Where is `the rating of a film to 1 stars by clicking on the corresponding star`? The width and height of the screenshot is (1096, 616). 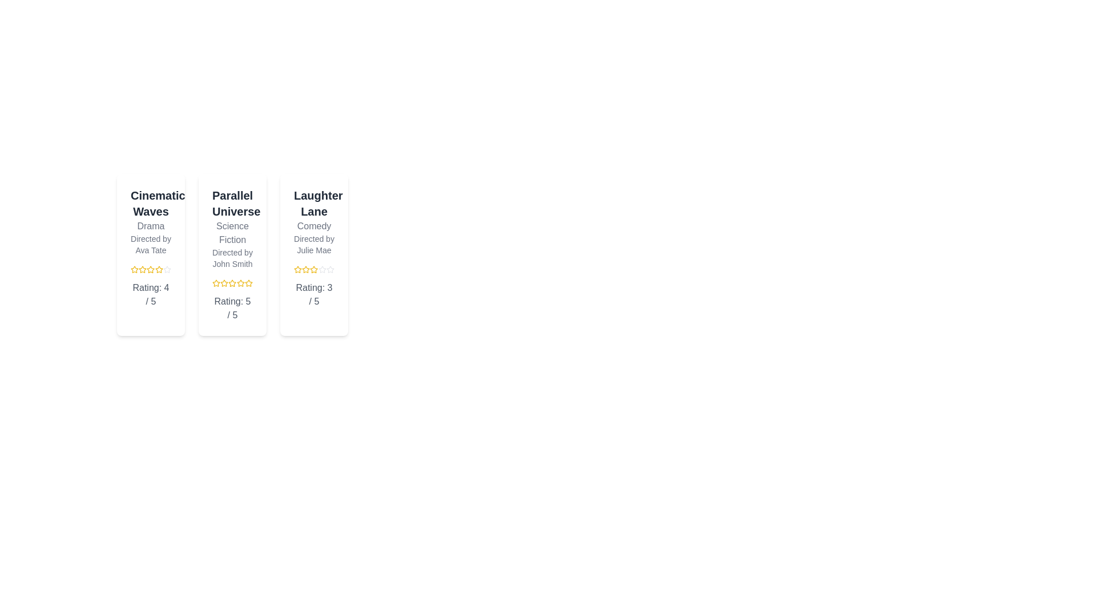 the rating of a film to 1 stars by clicking on the corresponding star is located at coordinates (134, 270).